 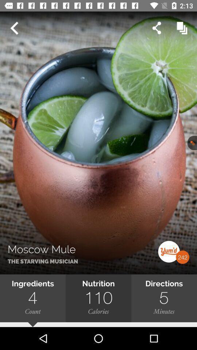 I want to click on icon above ingredients icon, so click(x=98, y=143).